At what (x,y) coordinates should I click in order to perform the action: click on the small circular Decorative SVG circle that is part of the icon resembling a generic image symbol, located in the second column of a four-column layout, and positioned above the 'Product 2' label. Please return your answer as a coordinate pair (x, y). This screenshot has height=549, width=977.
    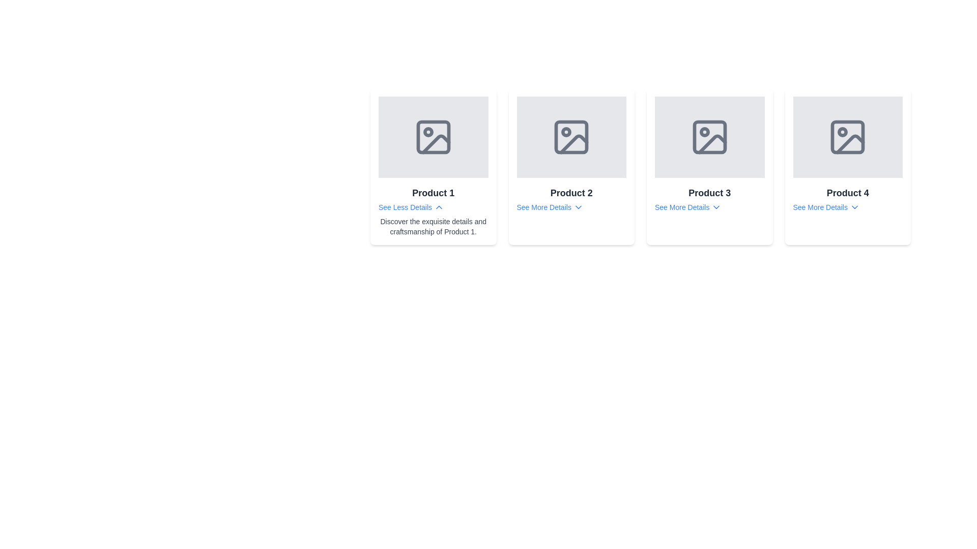
    Looking at the image, I should click on (566, 131).